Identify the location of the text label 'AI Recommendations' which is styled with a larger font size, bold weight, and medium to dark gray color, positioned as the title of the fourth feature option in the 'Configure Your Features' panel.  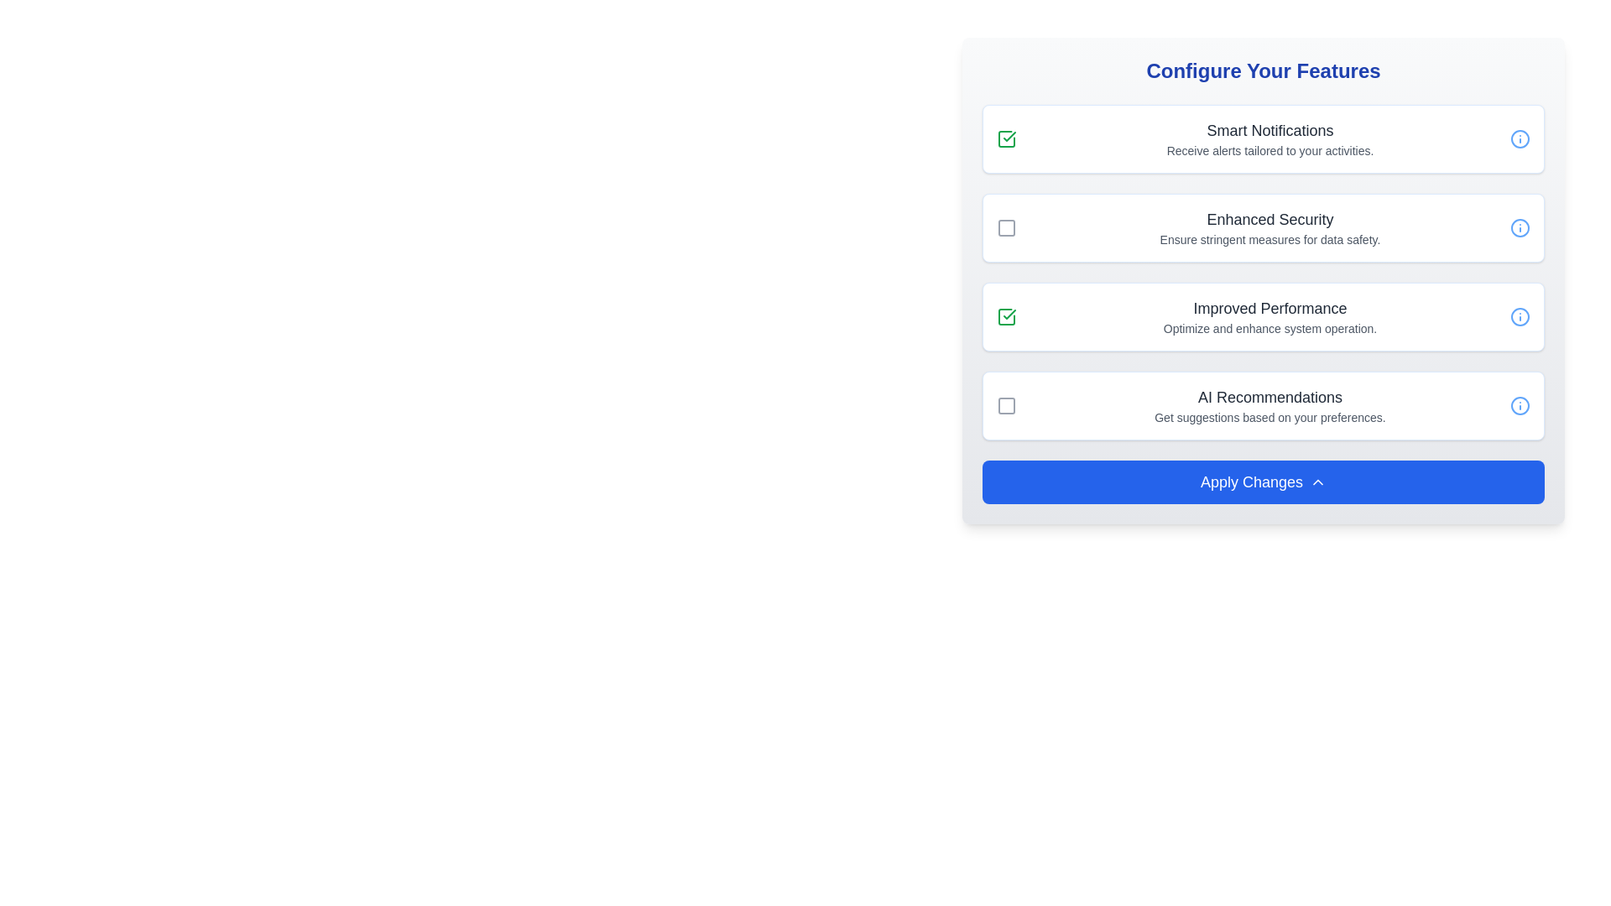
(1270, 398).